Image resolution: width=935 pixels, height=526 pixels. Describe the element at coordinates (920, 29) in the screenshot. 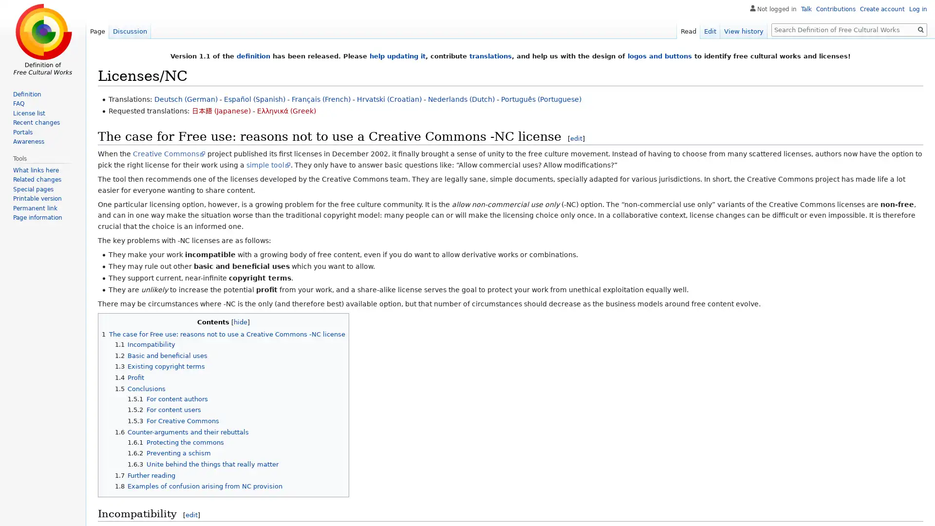

I see `Go` at that location.